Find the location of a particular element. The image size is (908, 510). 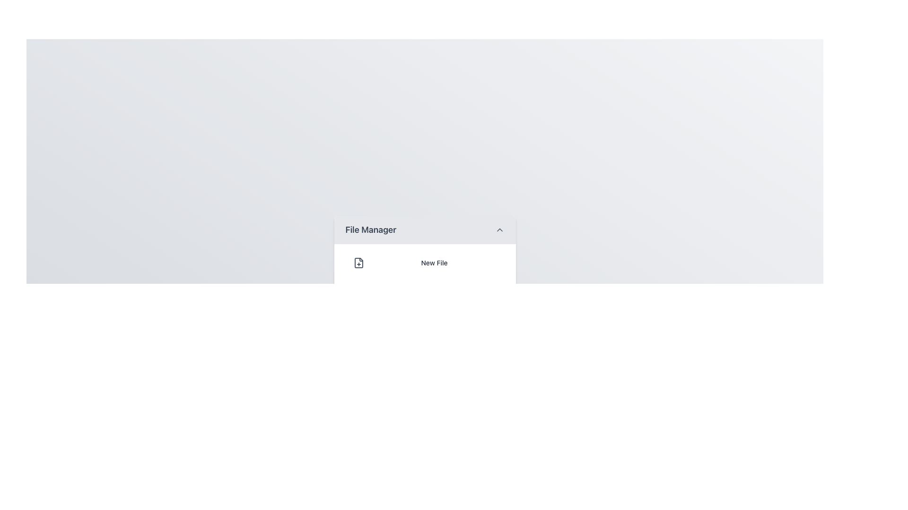

the small file icon with a plus symbol, located to the left of the text 'New File' is located at coordinates (358, 263).